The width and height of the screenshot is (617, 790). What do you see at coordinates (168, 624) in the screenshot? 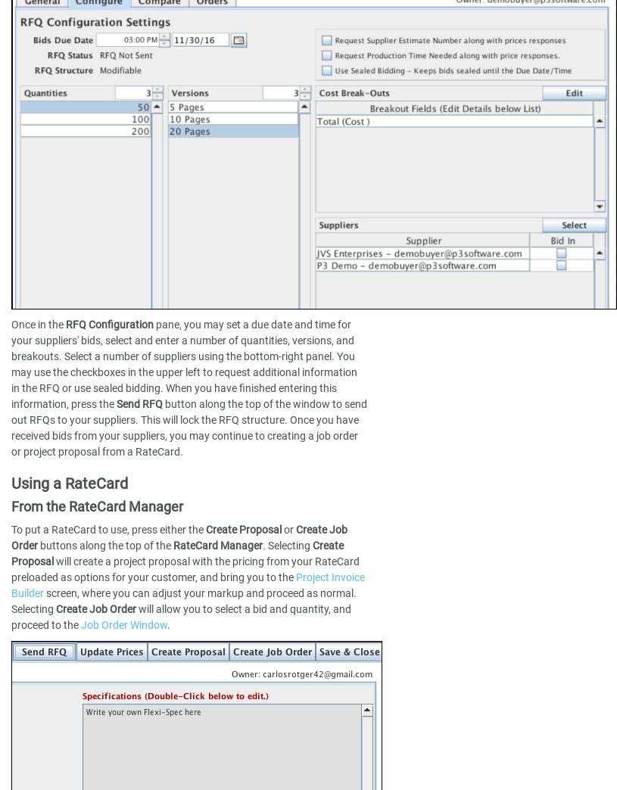
I see `'.'` at bounding box center [168, 624].